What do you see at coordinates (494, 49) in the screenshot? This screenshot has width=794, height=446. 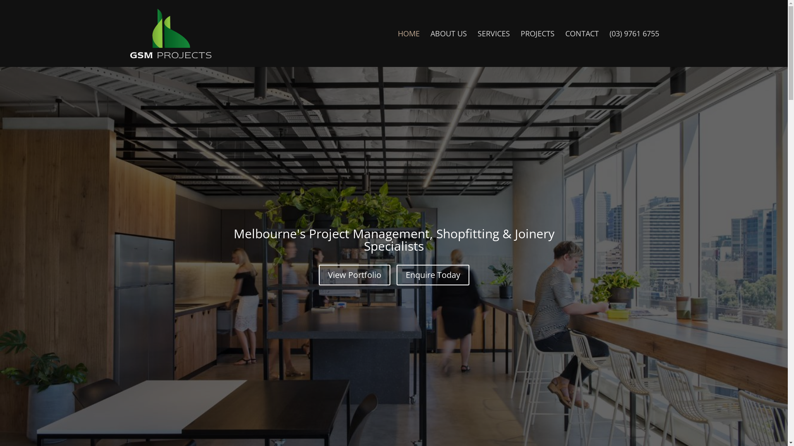 I see `'SERVICES'` at bounding box center [494, 49].